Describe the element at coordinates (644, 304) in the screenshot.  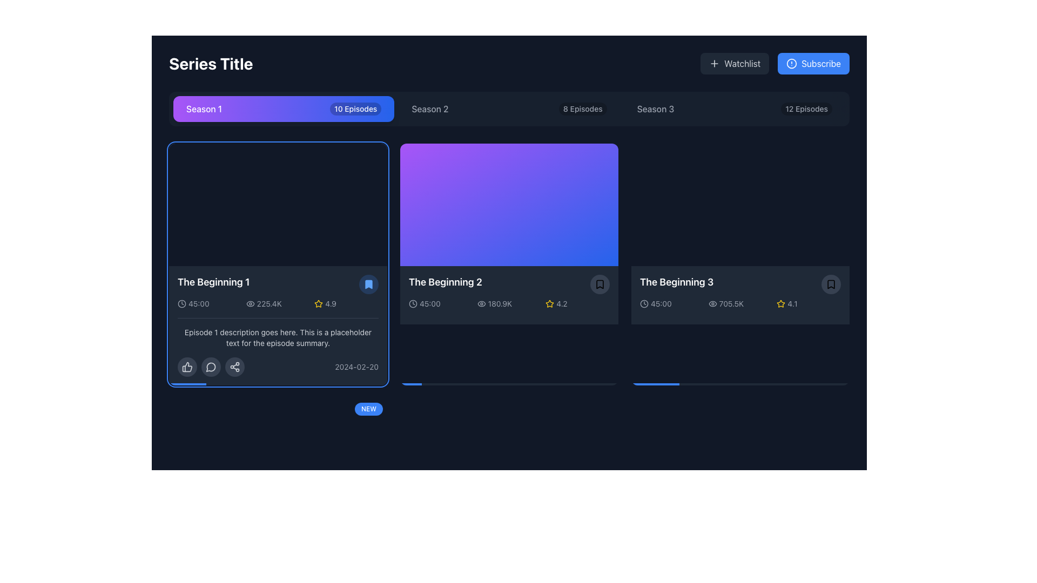
I see `the time-related icon located at the beginning of the row displaying information for 'The Beginning 3'` at that location.